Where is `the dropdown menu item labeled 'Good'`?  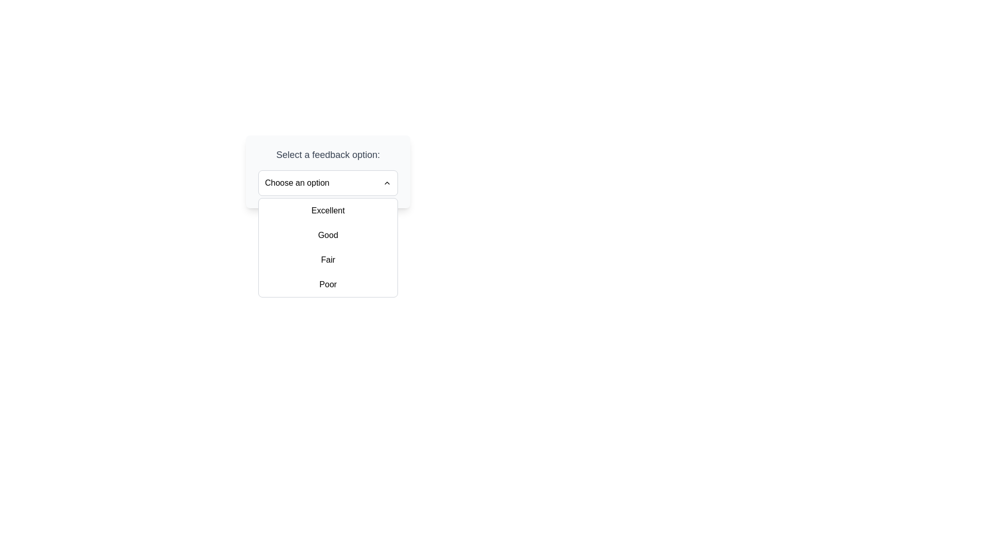
the dropdown menu item labeled 'Good' is located at coordinates (327, 235).